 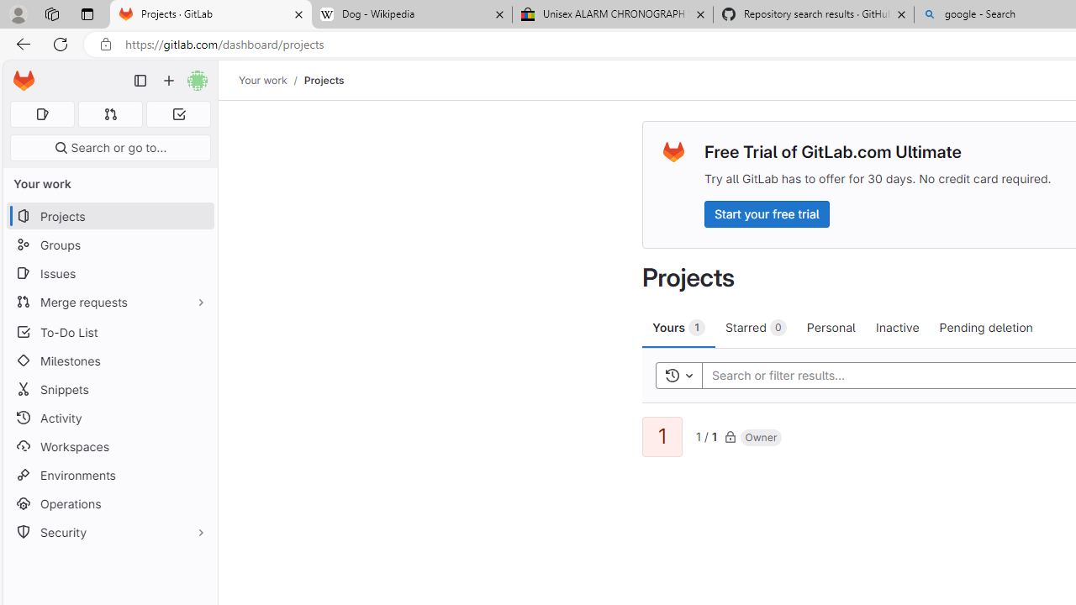 What do you see at coordinates (109, 475) in the screenshot?
I see `'Environments'` at bounding box center [109, 475].